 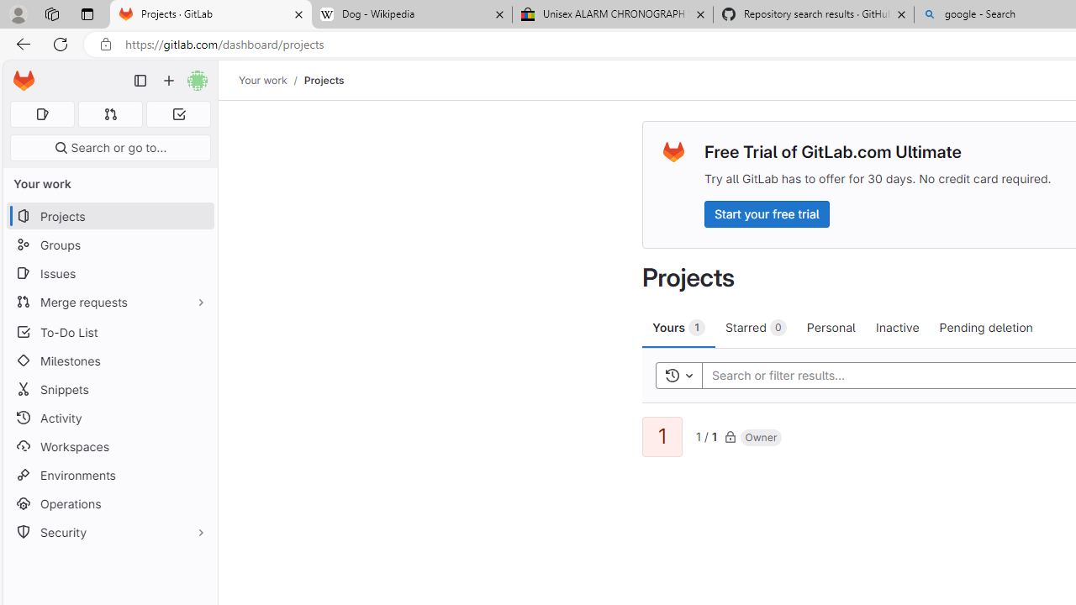 What do you see at coordinates (109, 475) in the screenshot?
I see `'Environments'` at bounding box center [109, 475].